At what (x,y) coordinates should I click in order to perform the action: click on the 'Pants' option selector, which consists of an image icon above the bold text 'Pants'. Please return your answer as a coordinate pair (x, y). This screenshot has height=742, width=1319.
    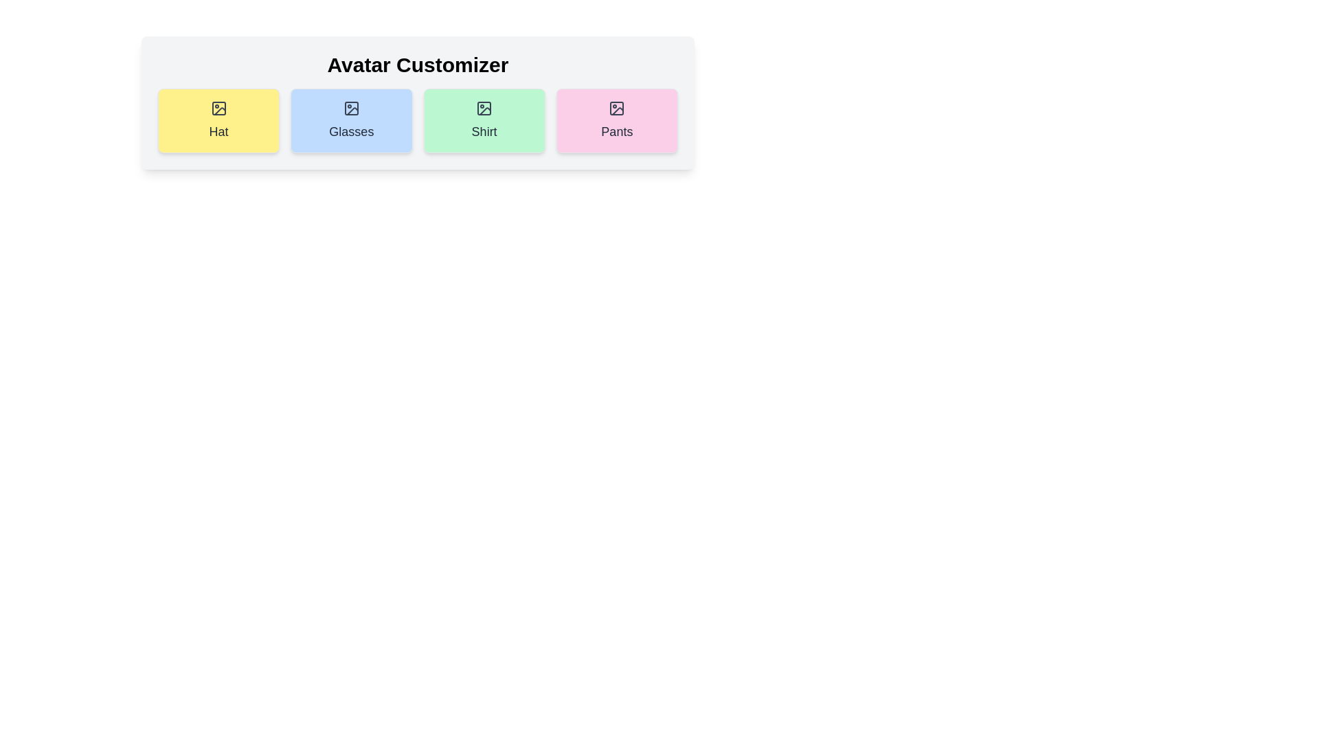
    Looking at the image, I should click on (616, 120).